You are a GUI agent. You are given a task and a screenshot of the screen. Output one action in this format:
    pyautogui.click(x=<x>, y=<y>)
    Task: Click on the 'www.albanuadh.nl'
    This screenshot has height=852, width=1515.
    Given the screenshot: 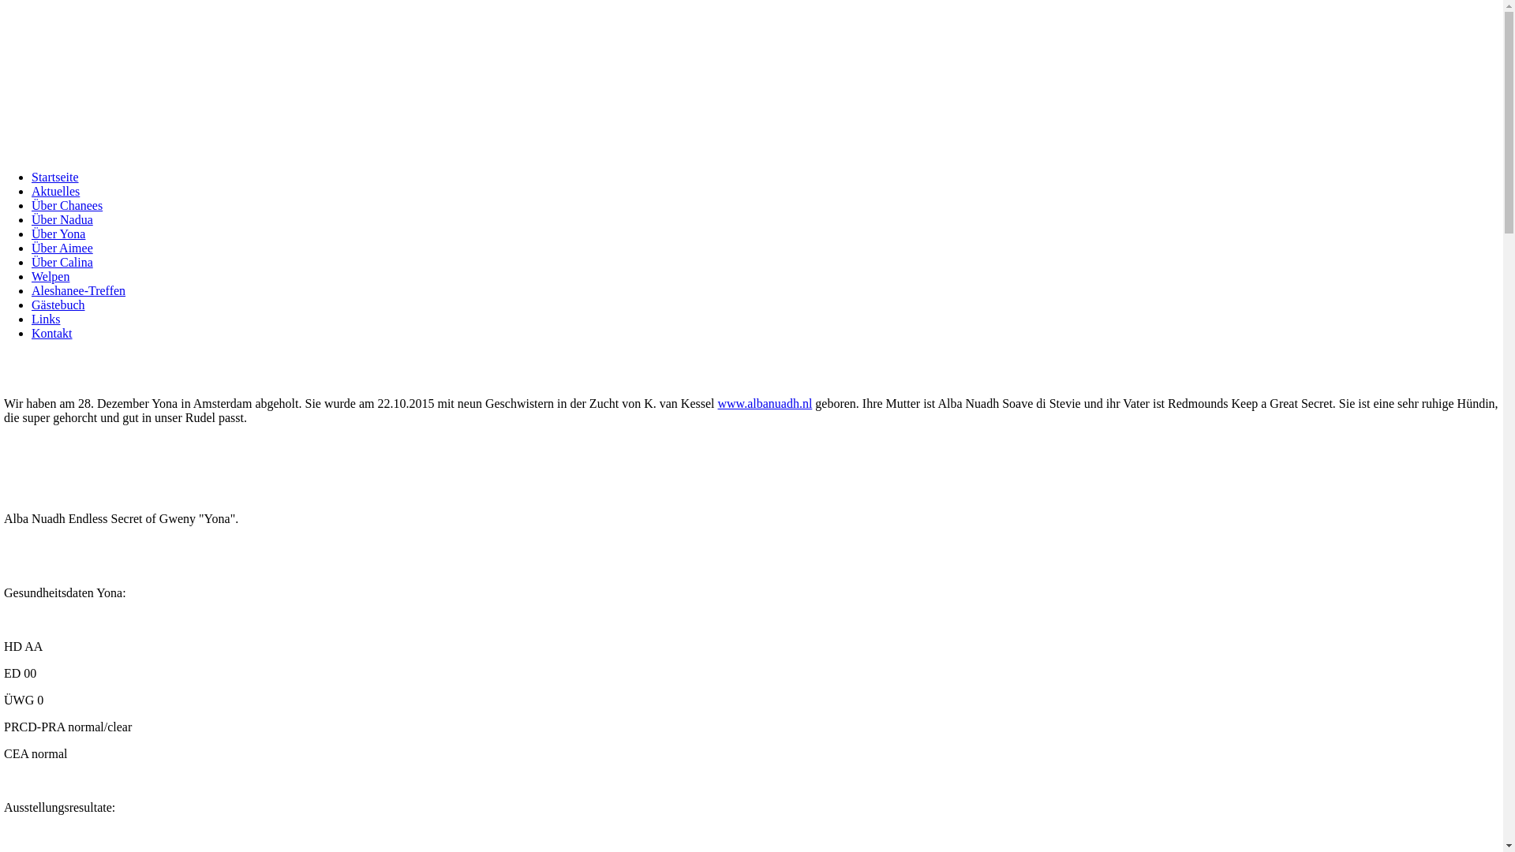 What is the action you would take?
    pyautogui.click(x=765, y=402)
    